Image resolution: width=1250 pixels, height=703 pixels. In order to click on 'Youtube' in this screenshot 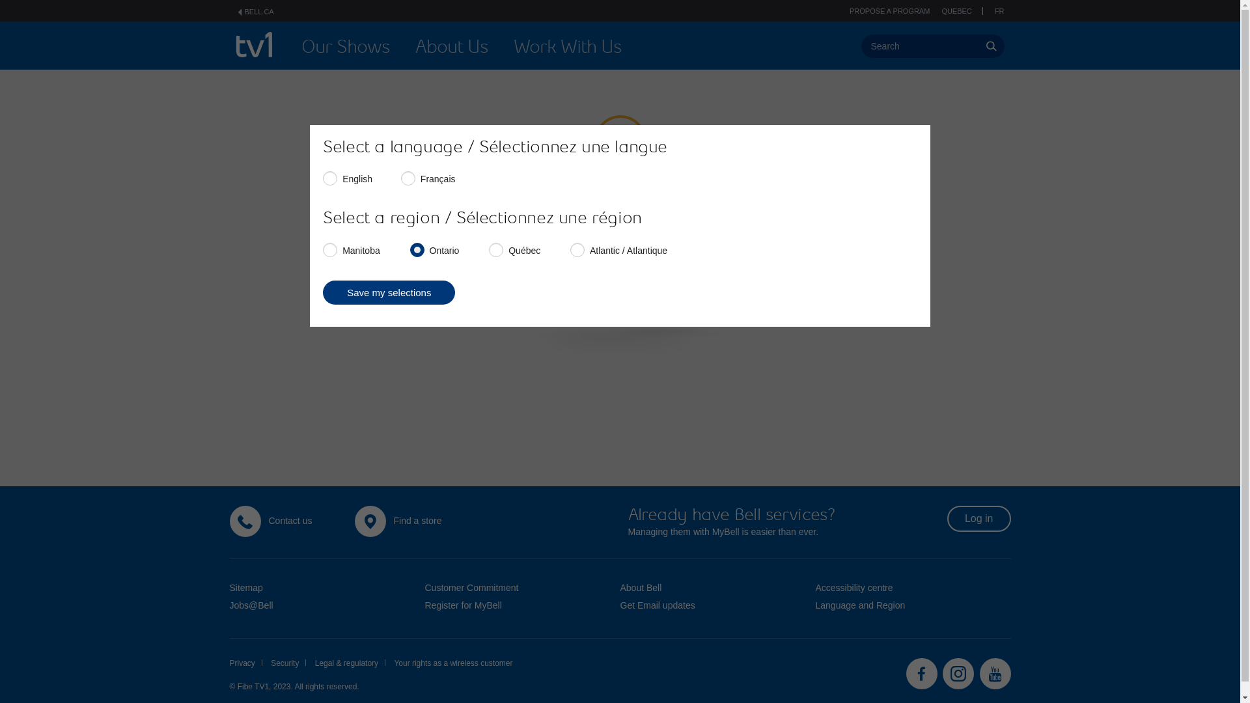, I will do `click(993, 673)`.